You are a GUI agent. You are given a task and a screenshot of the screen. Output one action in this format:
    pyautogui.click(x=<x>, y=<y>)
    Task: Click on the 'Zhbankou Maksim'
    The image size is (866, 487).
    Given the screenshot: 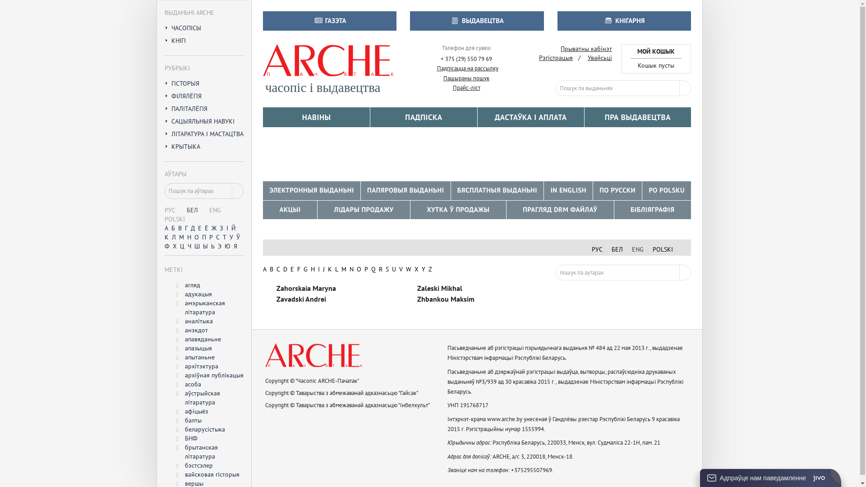 What is the action you would take?
    pyautogui.click(x=446, y=299)
    